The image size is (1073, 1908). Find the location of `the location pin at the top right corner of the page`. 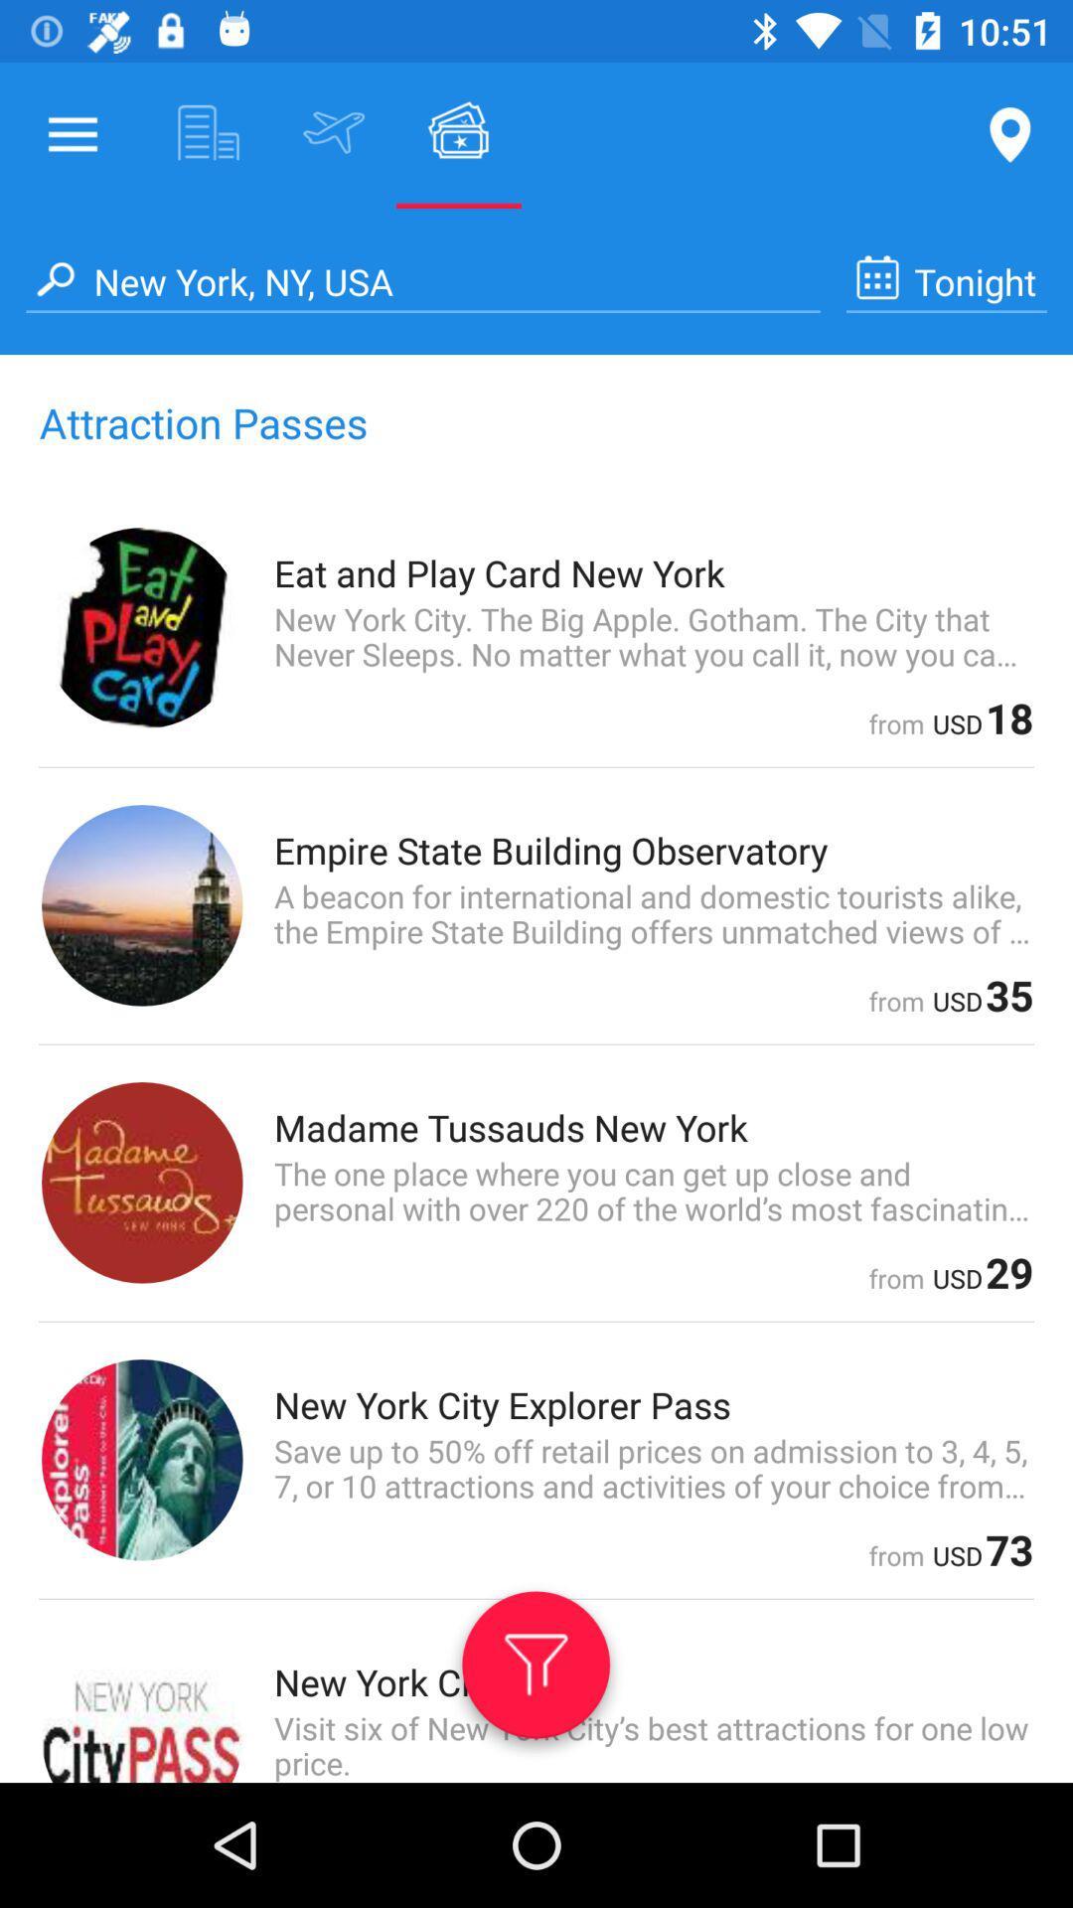

the location pin at the top right corner of the page is located at coordinates (808, 134).